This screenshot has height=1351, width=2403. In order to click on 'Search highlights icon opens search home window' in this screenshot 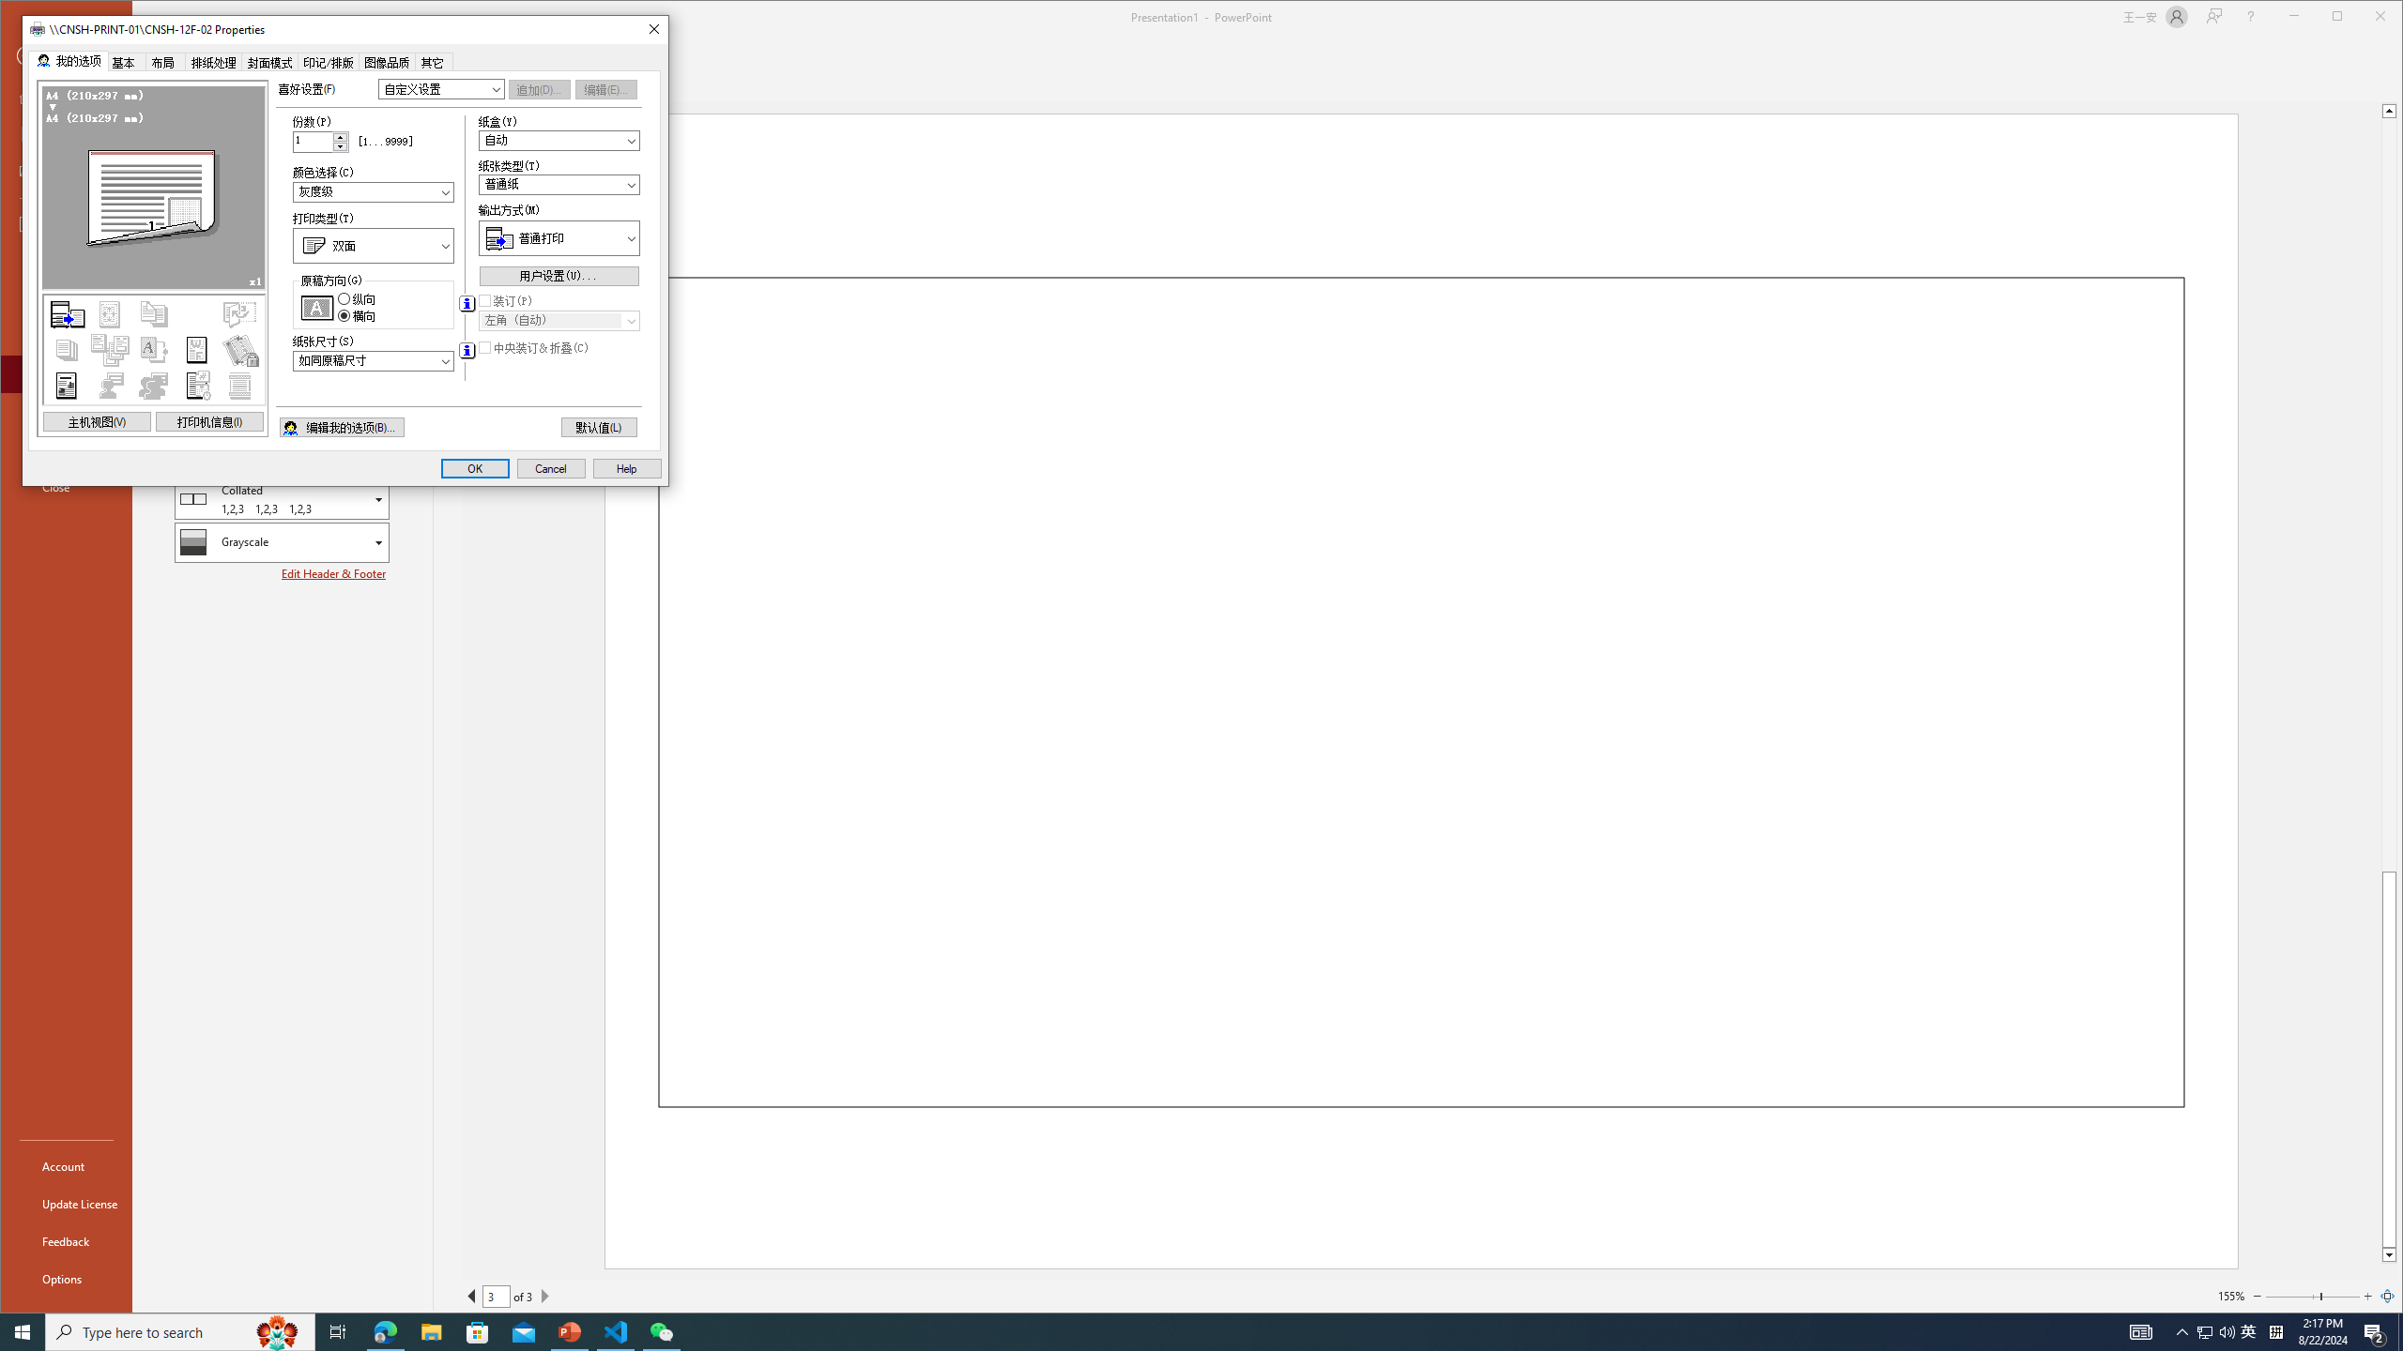, I will do `click(276, 1330)`.